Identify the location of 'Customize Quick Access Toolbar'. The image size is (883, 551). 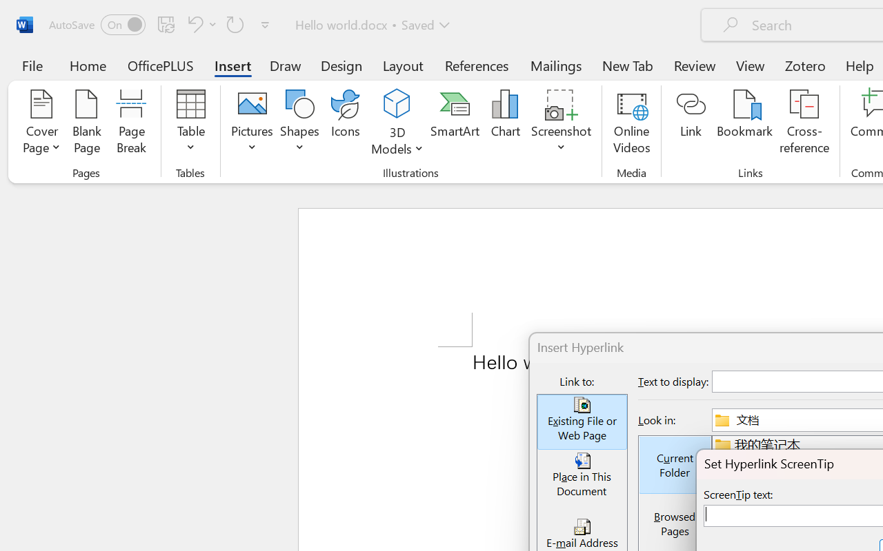
(265, 24).